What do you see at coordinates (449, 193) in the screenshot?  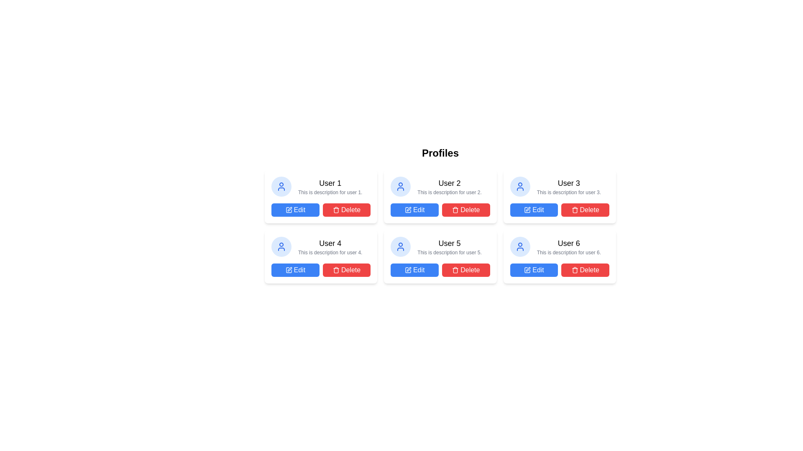 I see `the text label providing supplementary information for 'User 2', which is located in the second column of the first row in the grid layout of user cards, directly beneath the 'User 2' title` at bounding box center [449, 193].